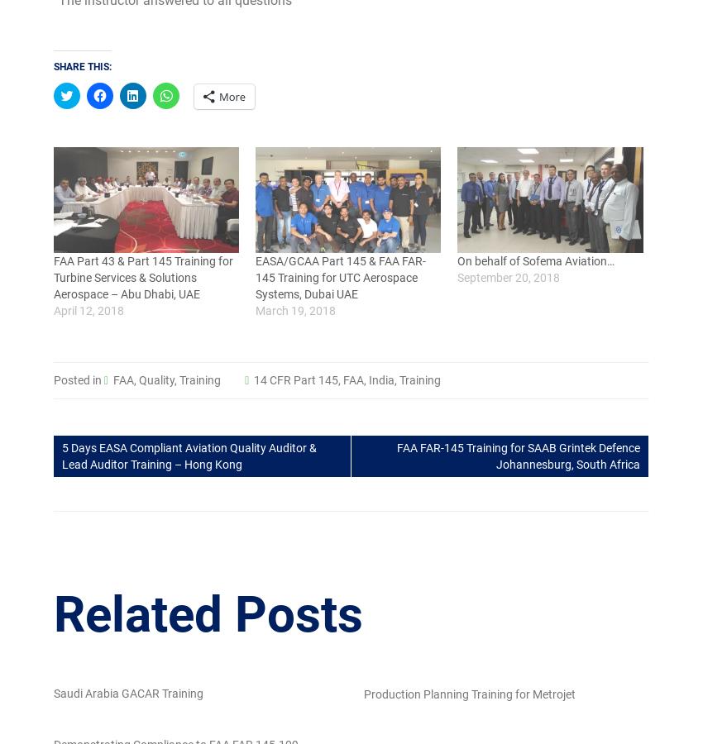 The image size is (703, 744). I want to click on 'Posted in', so click(54, 379).